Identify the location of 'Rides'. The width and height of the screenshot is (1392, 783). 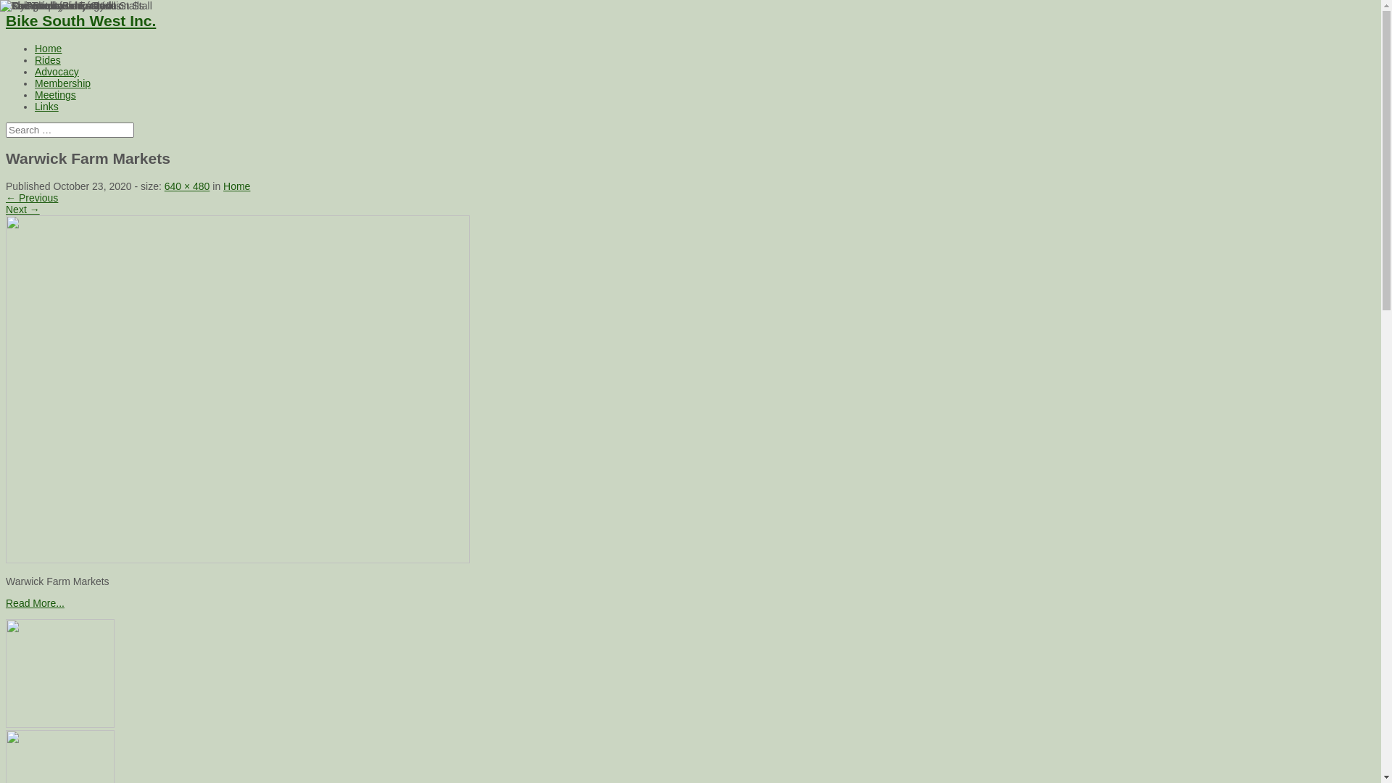
(48, 59).